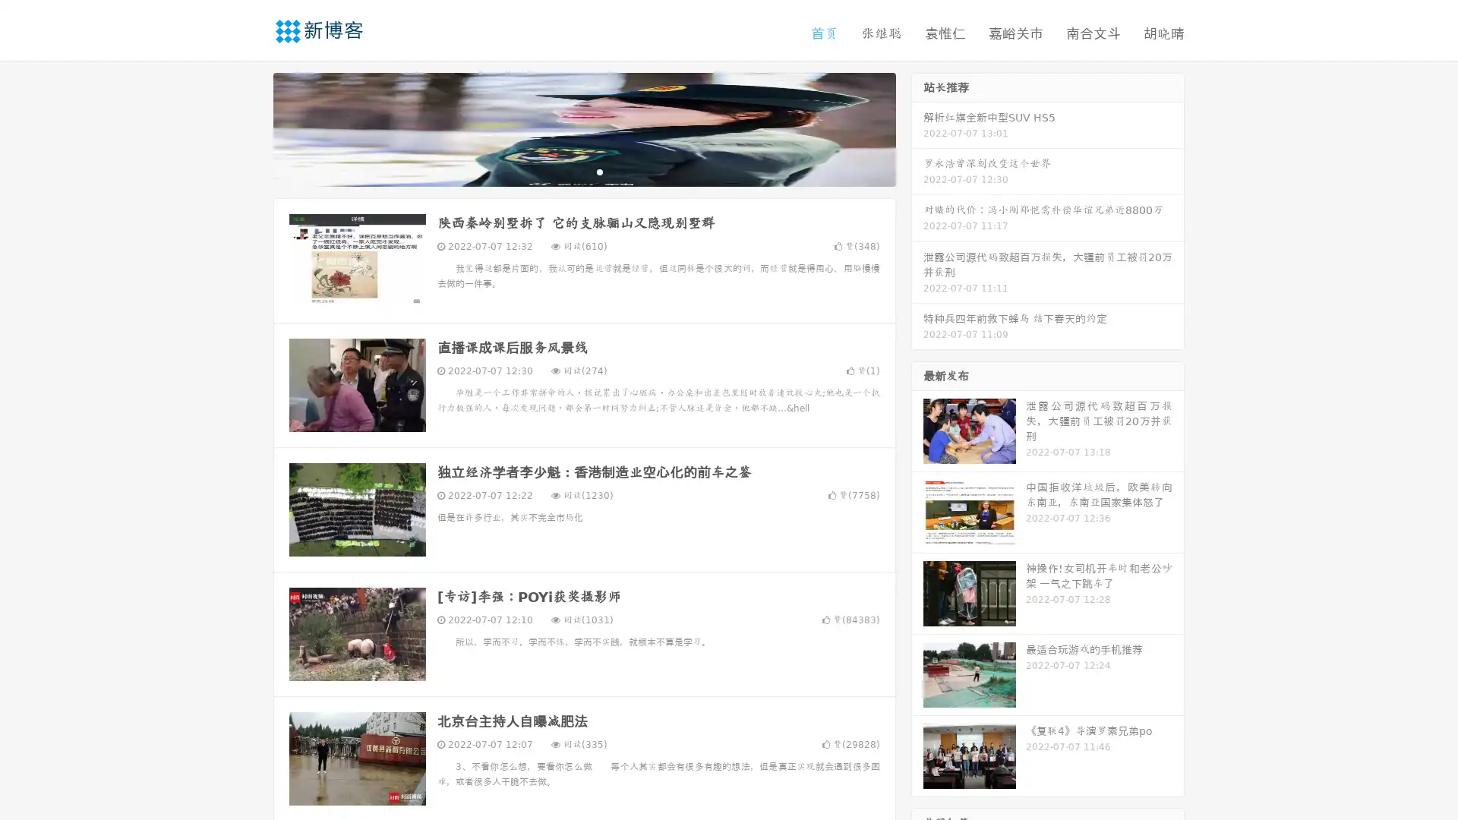 The image size is (1458, 820). Describe the element at coordinates (568, 171) in the screenshot. I see `Go to slide 1` at that location.